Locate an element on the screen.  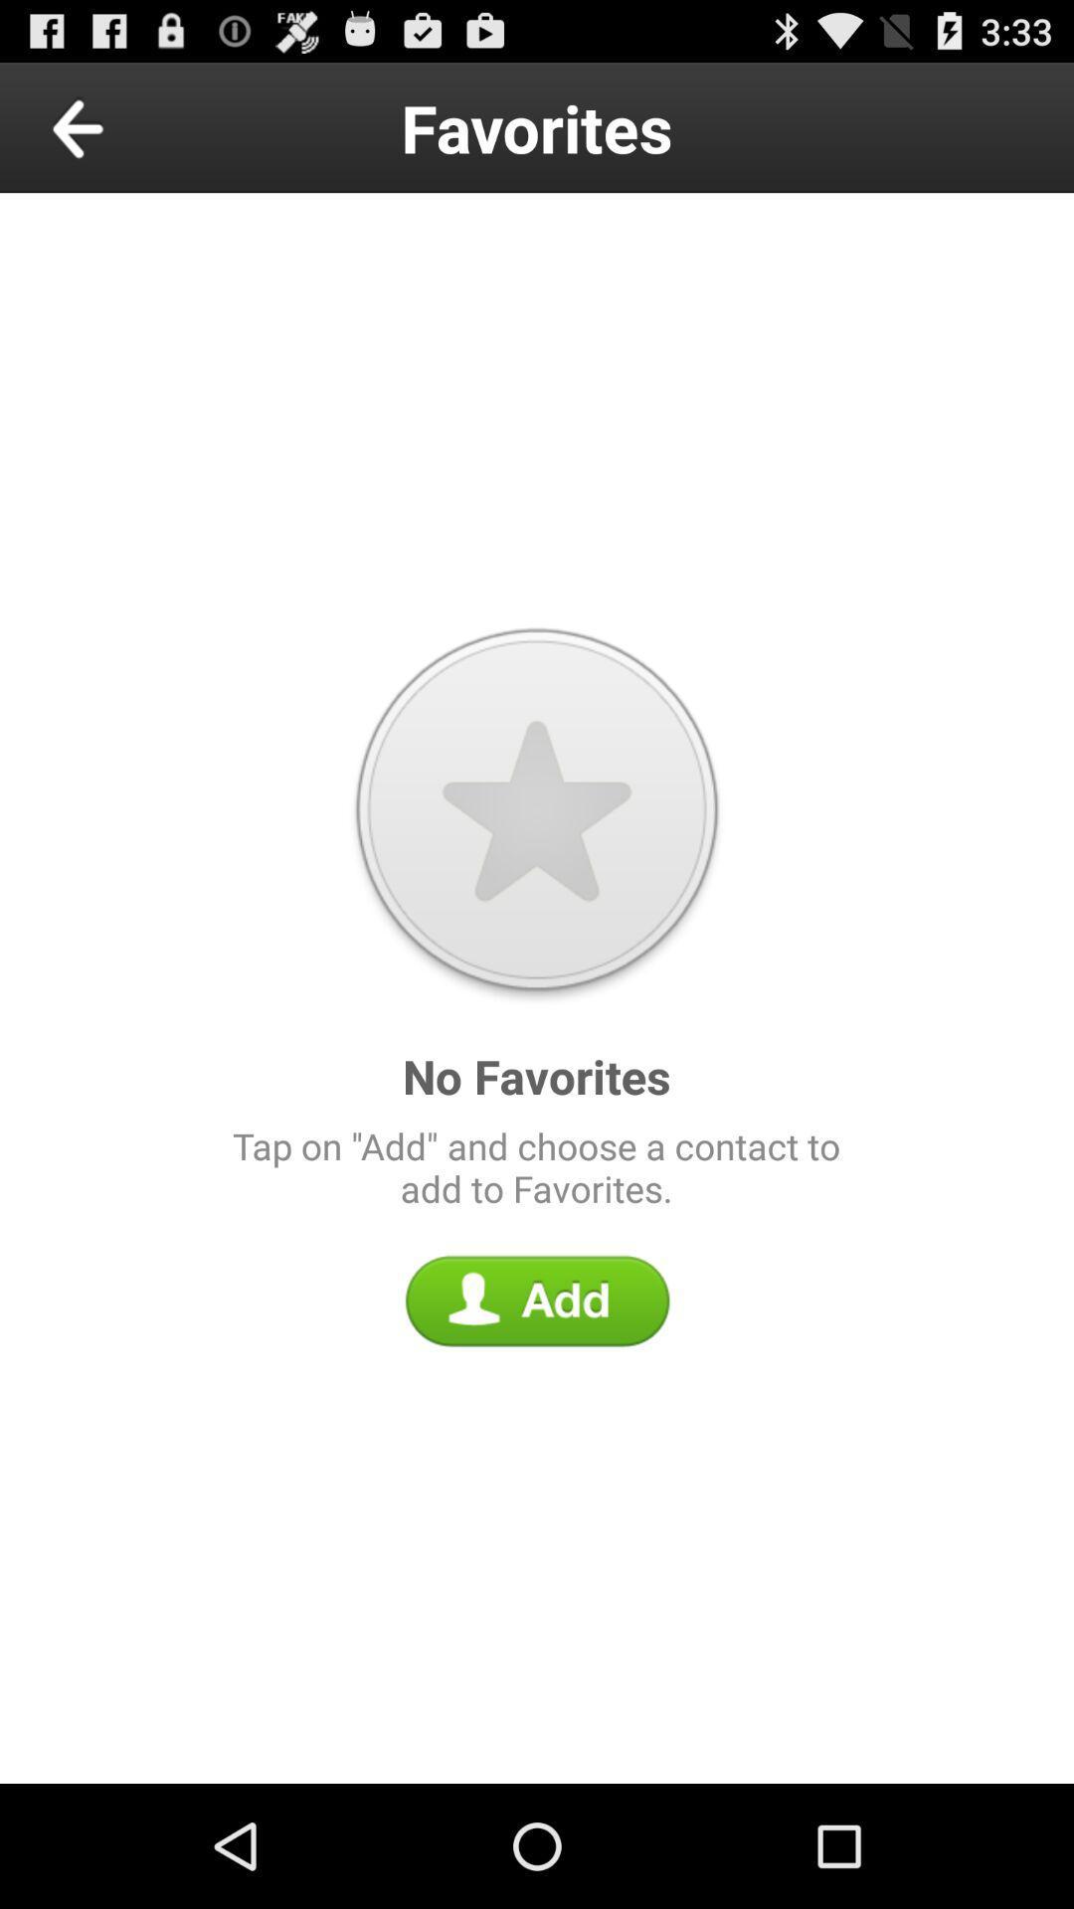
start process adding contact is located at coordinates (537, 1301).